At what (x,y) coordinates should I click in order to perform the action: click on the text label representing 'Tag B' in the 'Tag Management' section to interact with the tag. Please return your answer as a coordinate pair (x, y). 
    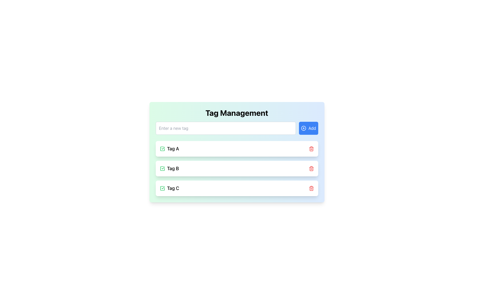
    Looking at the image, I should click on (169, 169).